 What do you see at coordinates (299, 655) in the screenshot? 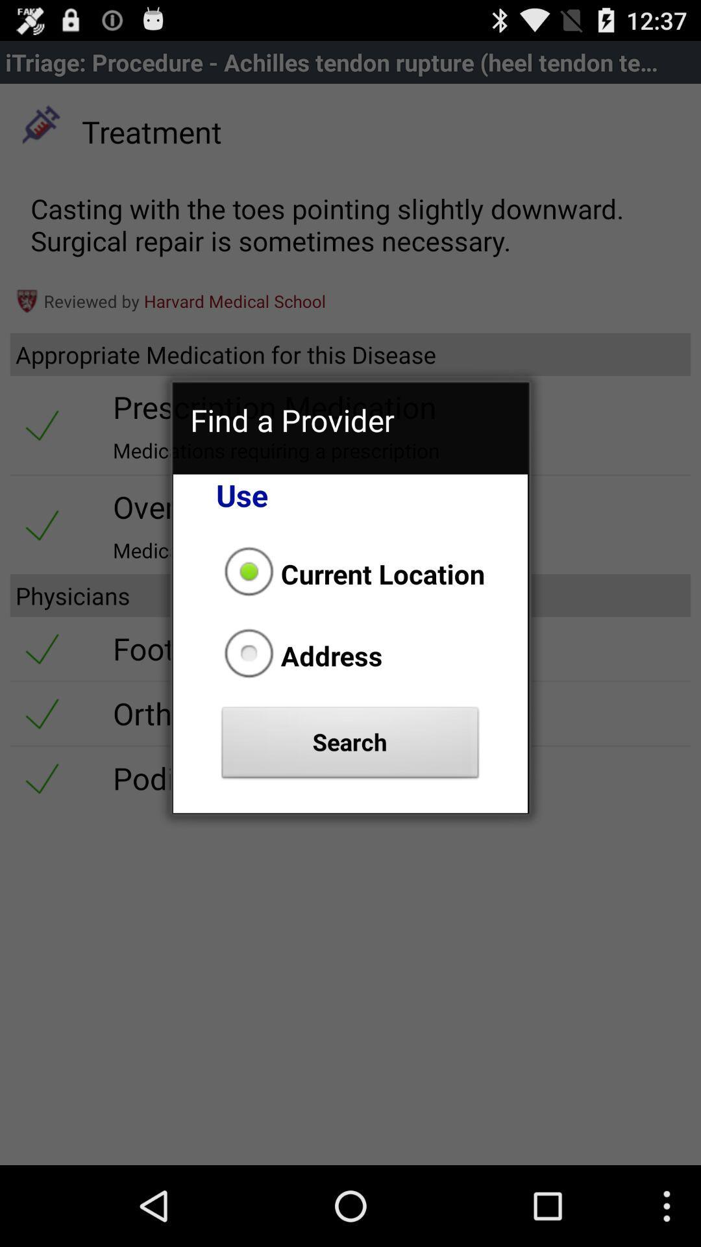
I see `button above the search icon` at bounding box center [299, 655].